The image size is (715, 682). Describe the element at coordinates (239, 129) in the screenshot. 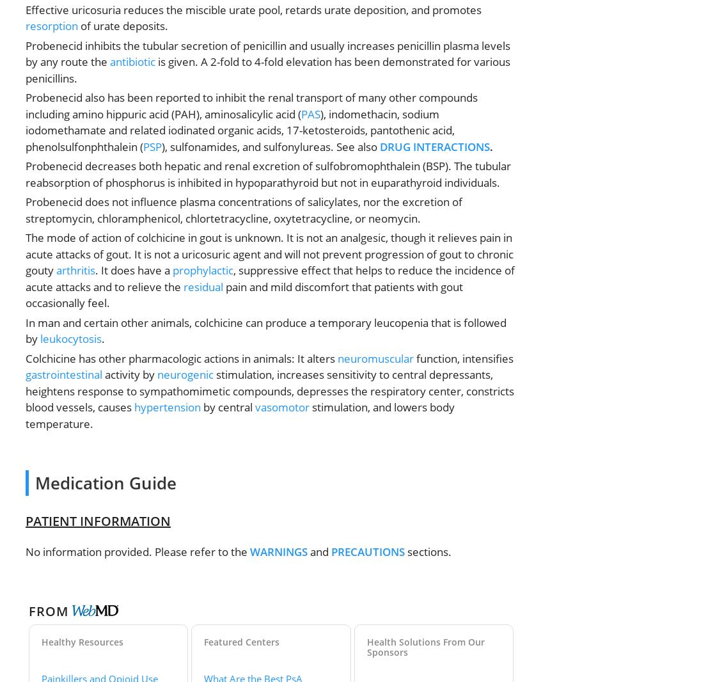

I see `'), indomethacin, 
  sodium iodomethamate and related iodinated organic acids, 17-ketosteroids, pantothenic 
  acid, phenolsulfonphthalein ('` at that location.